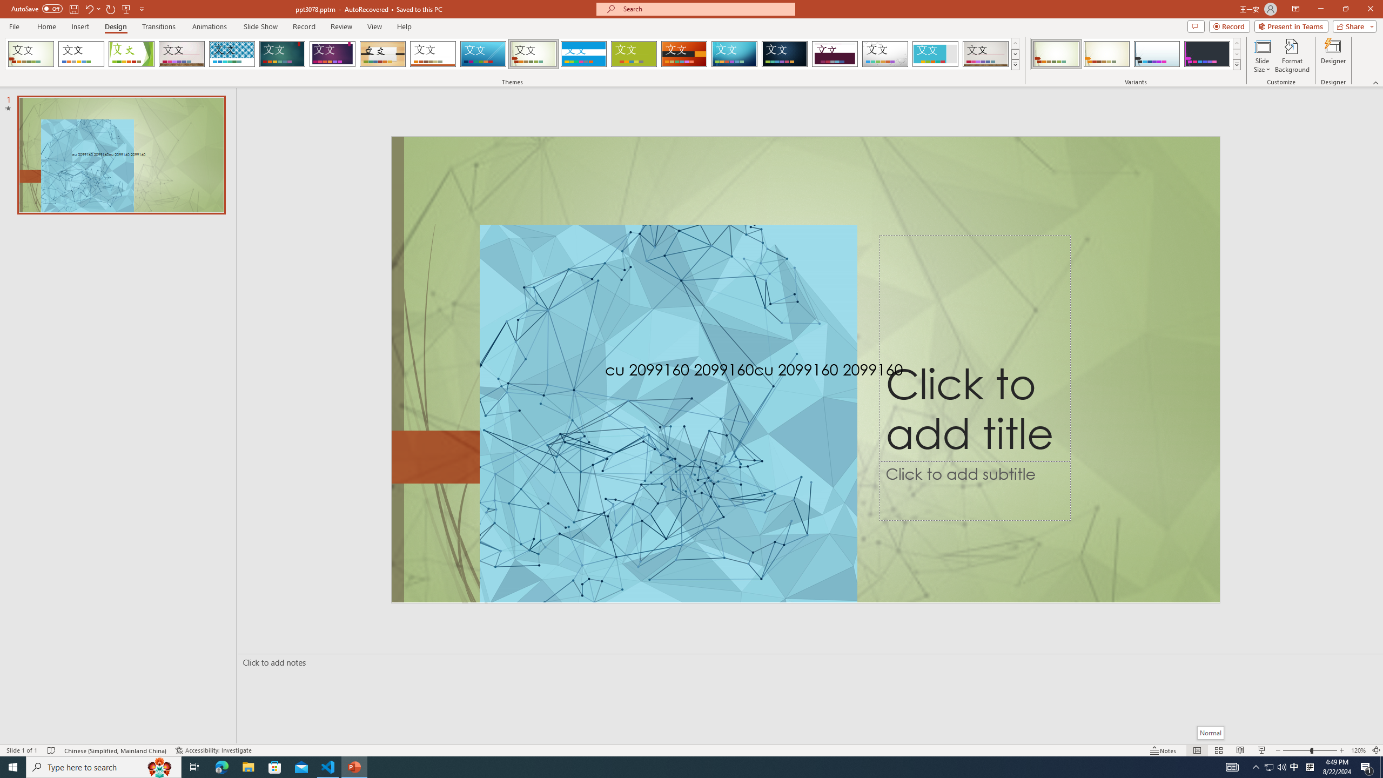 Image resolution: width=1383 pixels, height=778 pixels. Describe the element at coordinates (1236, 64) in the screenshot. I see `'Variants'` at that location.